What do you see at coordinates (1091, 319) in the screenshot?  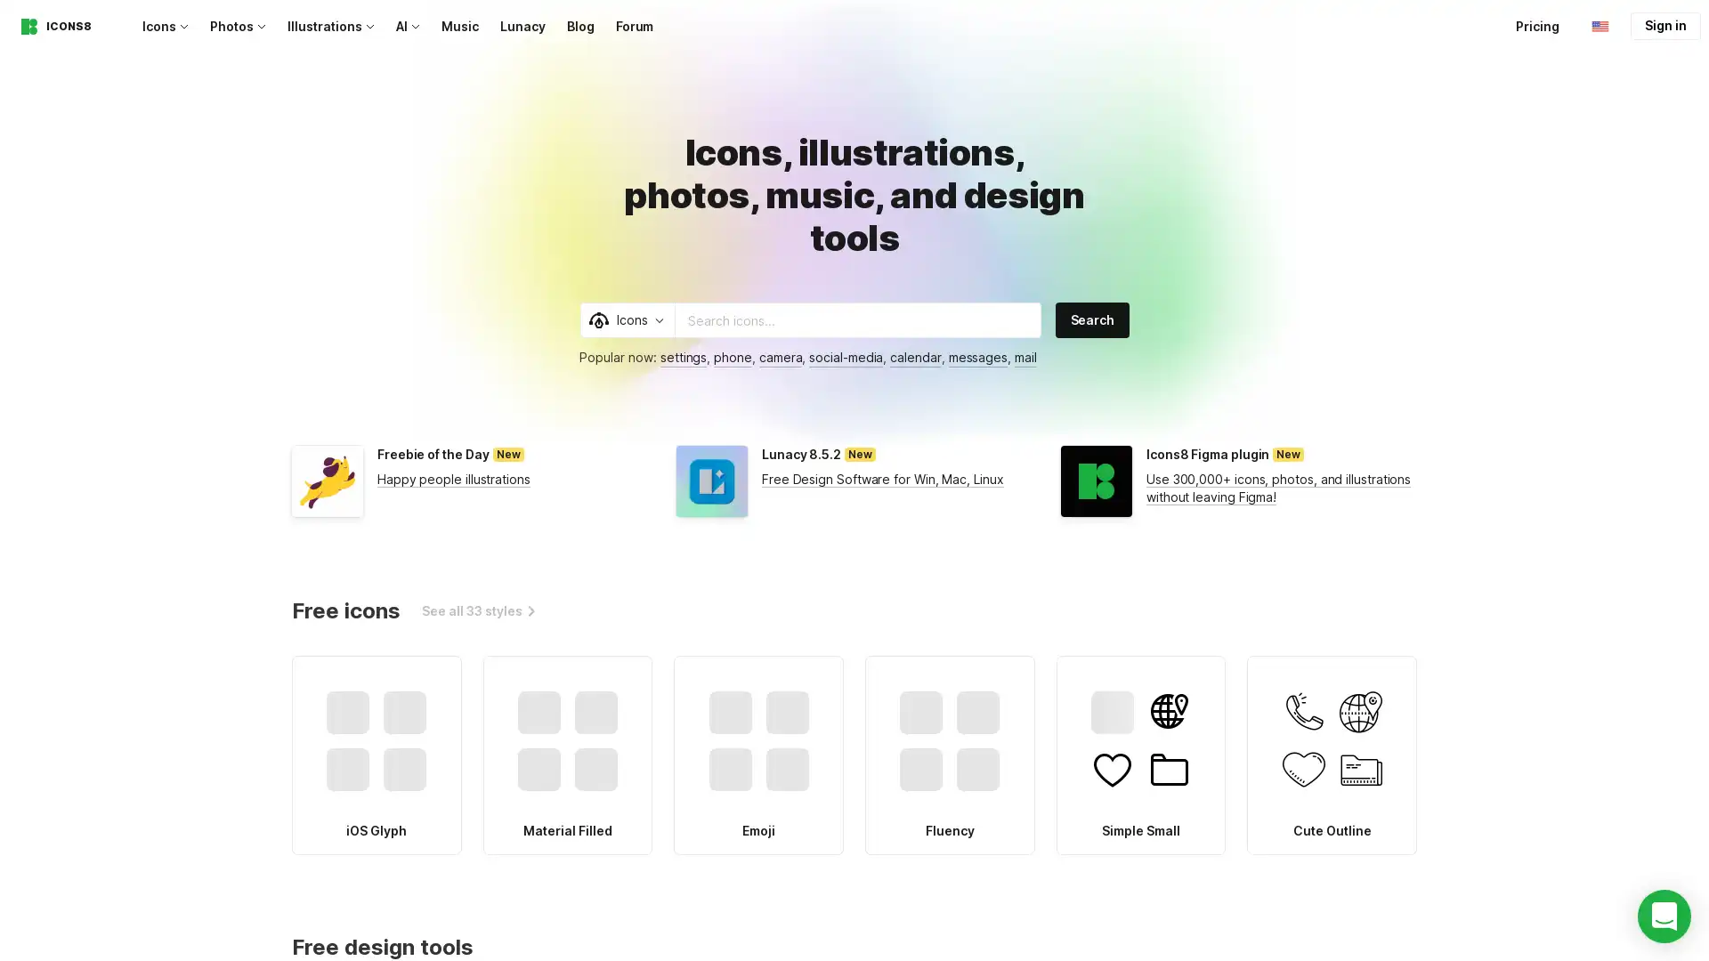 I see `Search` at bounding box center [1091, 319].